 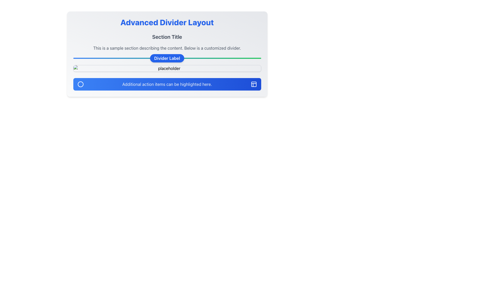 I want to click on the icon located at the bottom-right corner of the blue section labeled 'Additional action items can be highlighted here', so click(x=254, y=84).